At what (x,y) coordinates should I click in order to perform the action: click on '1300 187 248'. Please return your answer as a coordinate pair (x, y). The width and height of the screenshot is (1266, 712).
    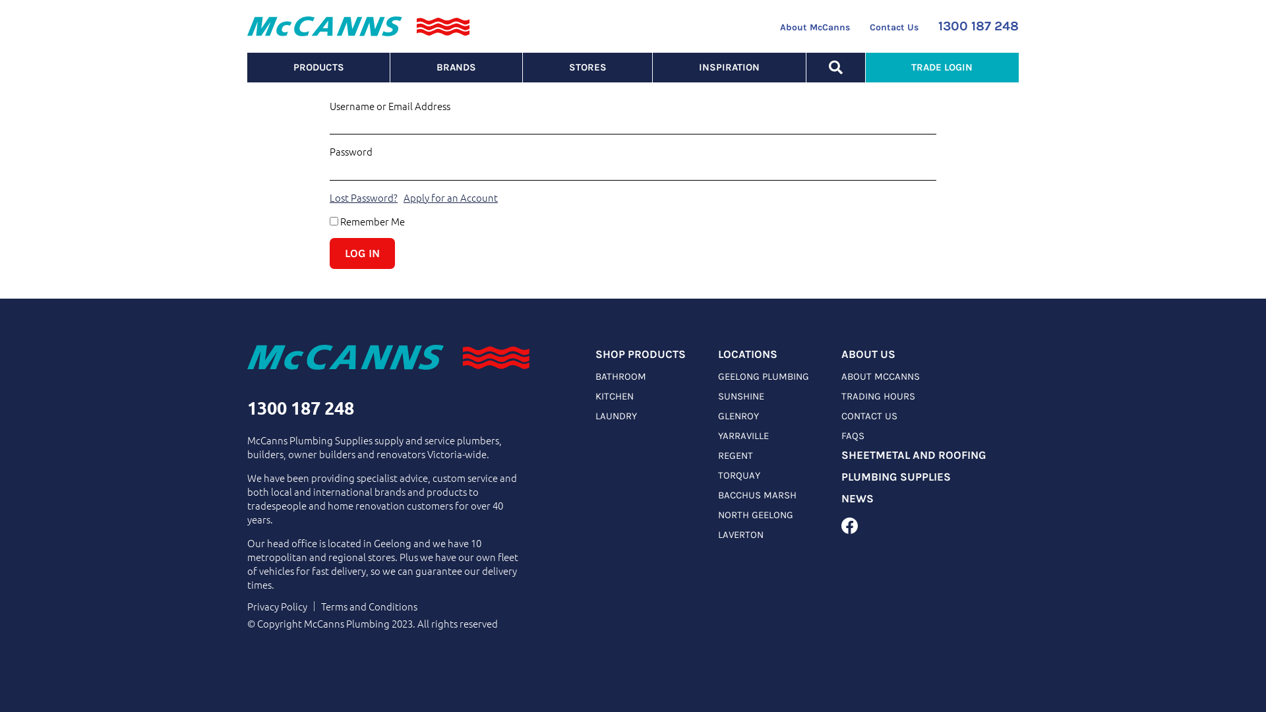
    Looking at the image, I should click on (300, 407).